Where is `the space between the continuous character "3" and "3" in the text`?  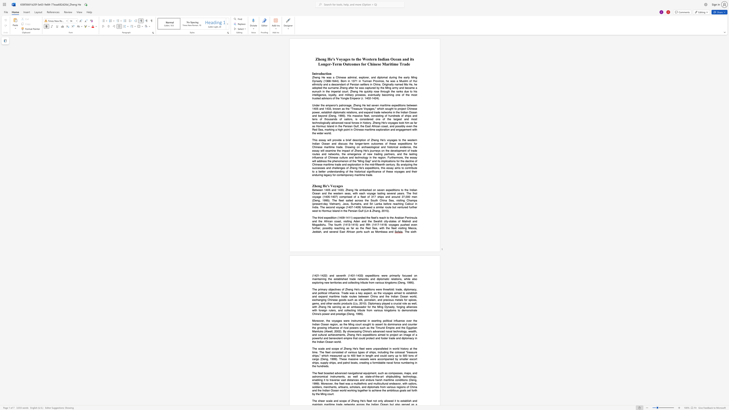
the space between the continuous character "3" and "3" in the text is located at coordinates (329, 109).